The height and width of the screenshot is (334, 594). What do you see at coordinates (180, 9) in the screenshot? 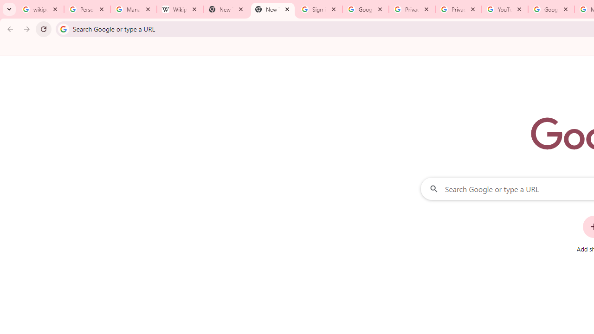
I see `'Wikipedia:Edit requests - Wikipedia'` at bounding box center [180, 9].